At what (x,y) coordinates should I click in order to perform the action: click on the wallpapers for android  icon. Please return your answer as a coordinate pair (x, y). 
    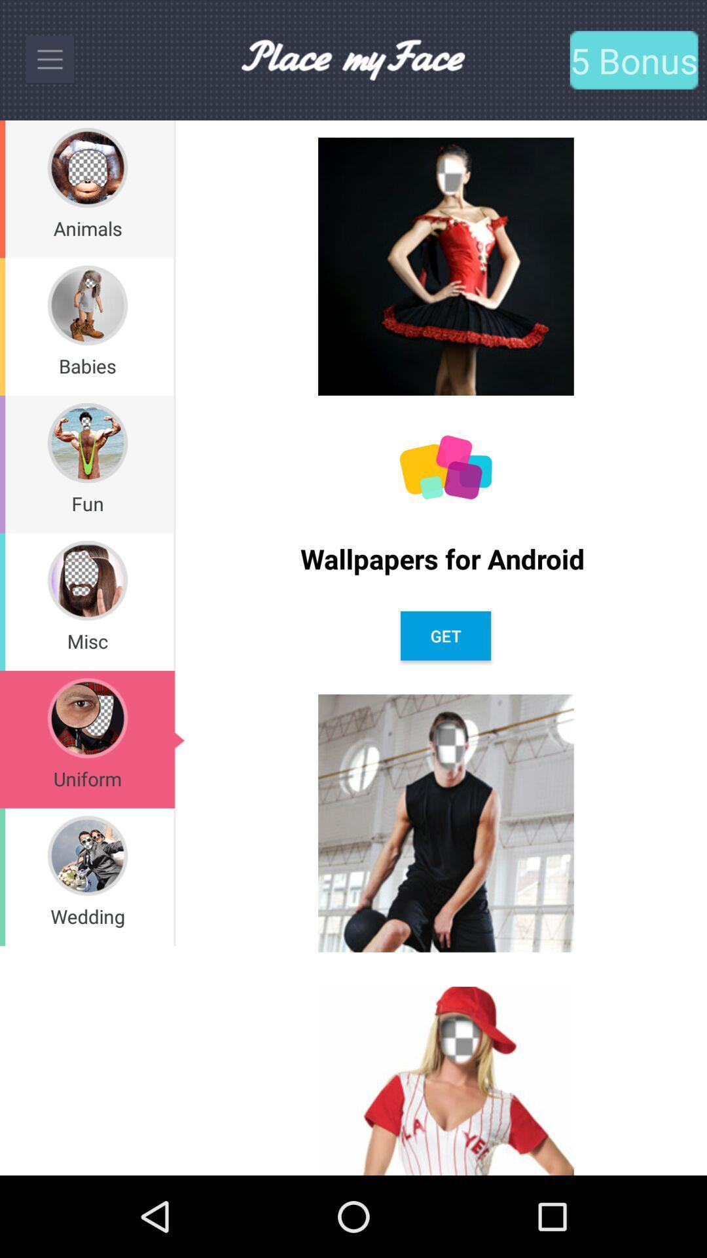
    Looking at the image, I should click on (445, 558).